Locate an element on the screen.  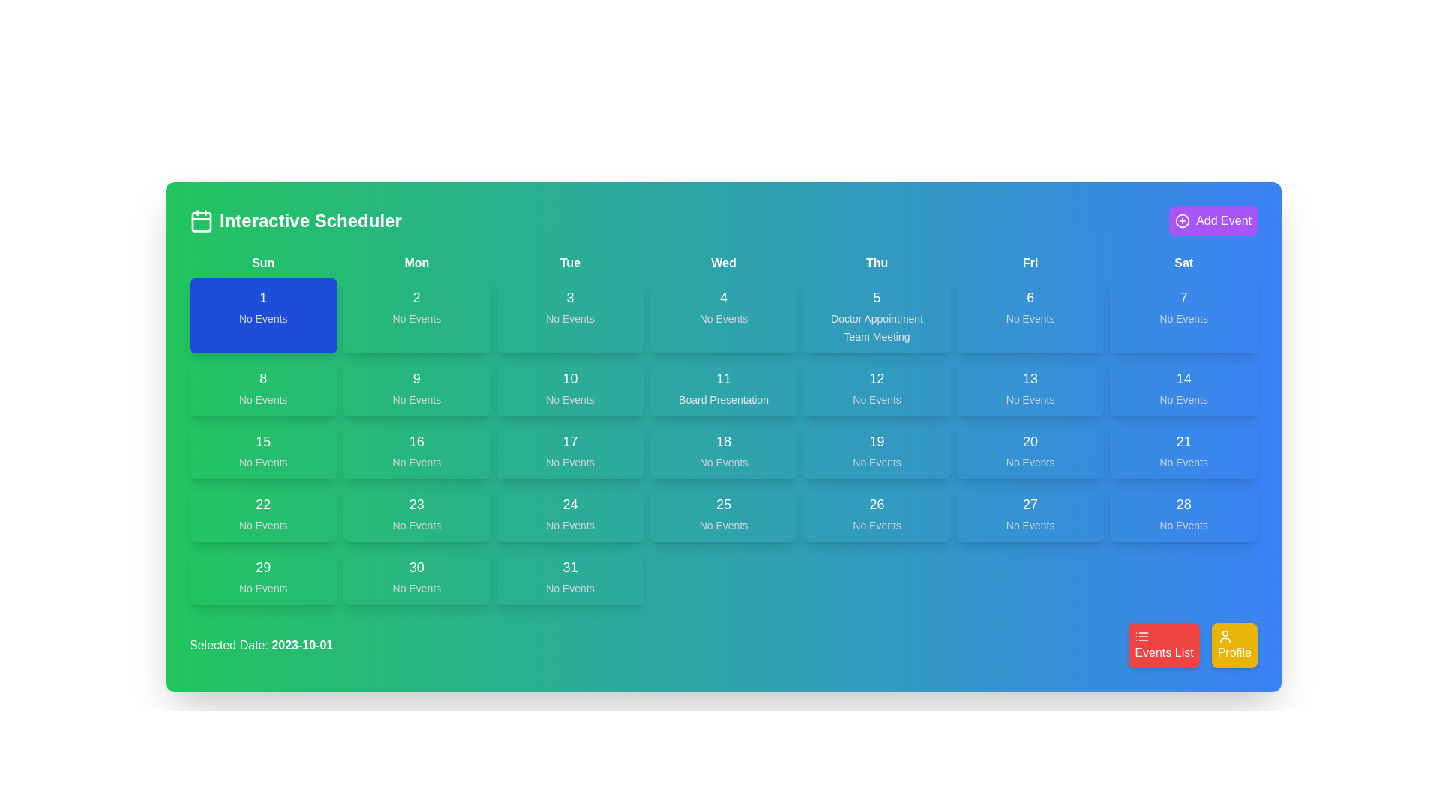
the date indicator label displaying the number '27' in the calendar interface, which is centrally positioned on its button is located at coordinates (1030, 504).